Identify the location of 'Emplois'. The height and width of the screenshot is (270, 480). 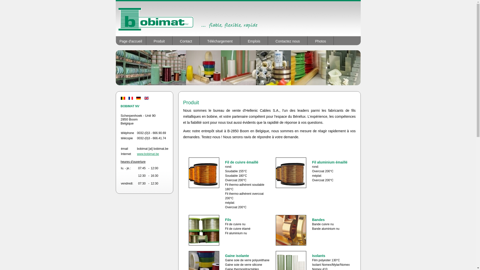
(254, 40).